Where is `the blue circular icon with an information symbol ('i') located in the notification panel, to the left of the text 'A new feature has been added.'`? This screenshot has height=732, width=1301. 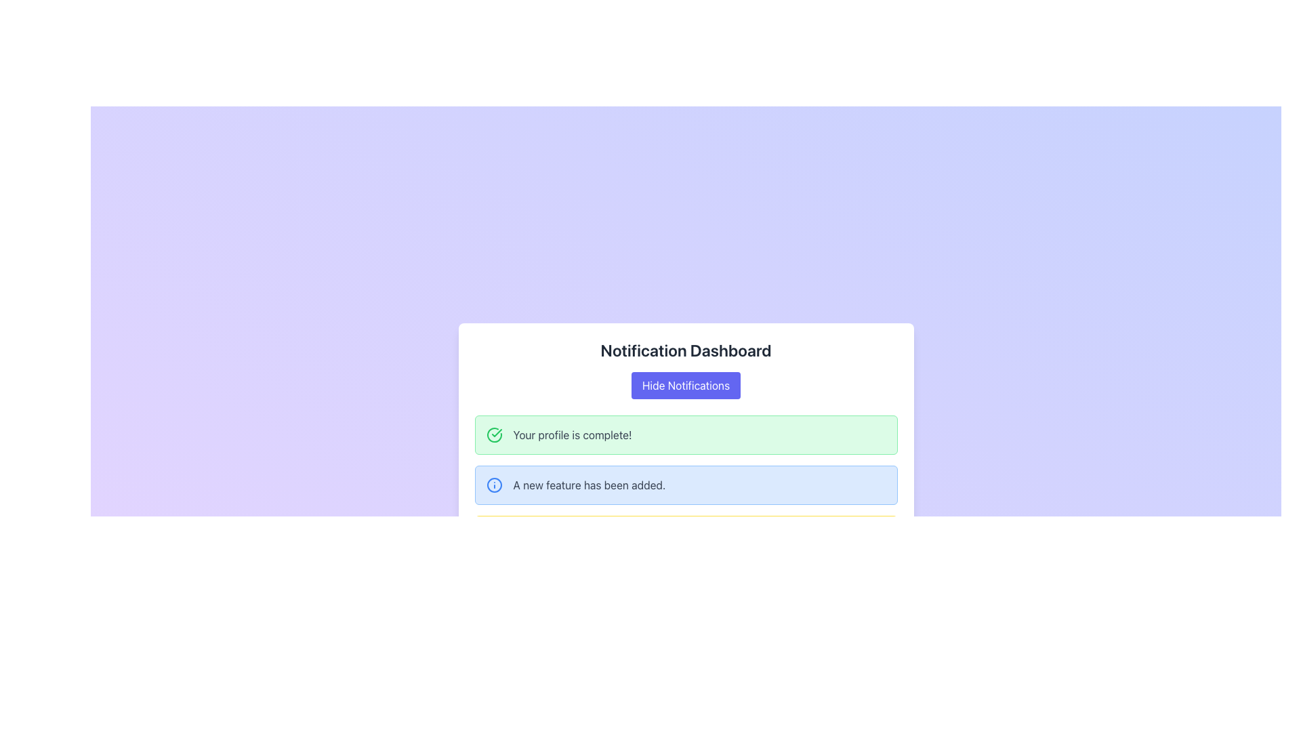
the blue circular icon with an information symbol ('i') located in the notification panel, to the left of the text 'A new feature has been added.' is located at coordinates (493, 485).